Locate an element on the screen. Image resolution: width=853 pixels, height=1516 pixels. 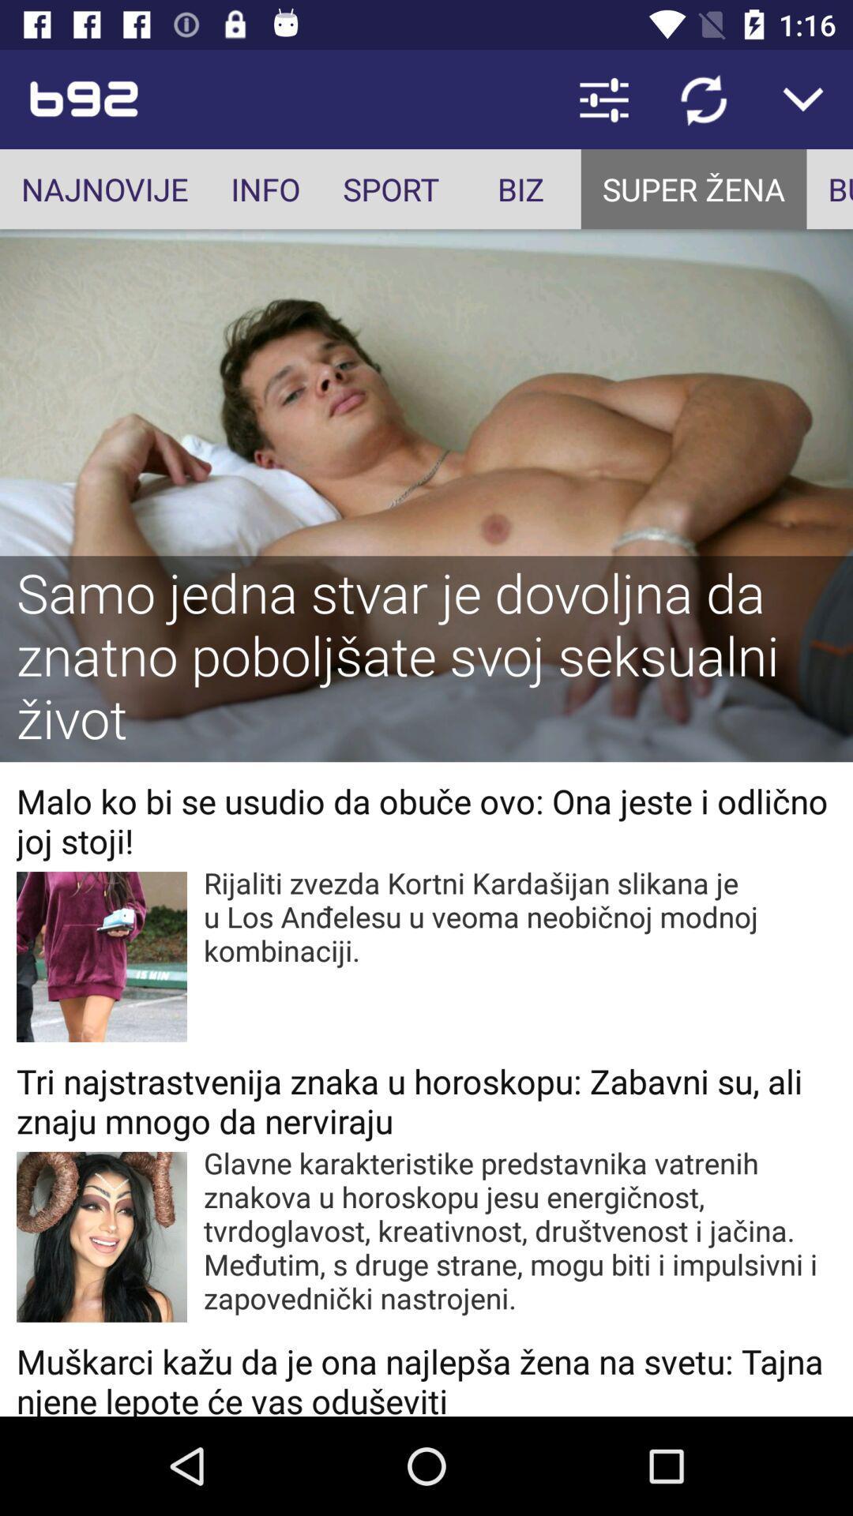
icon to the left of sport app is located at coordinates (265, 189).